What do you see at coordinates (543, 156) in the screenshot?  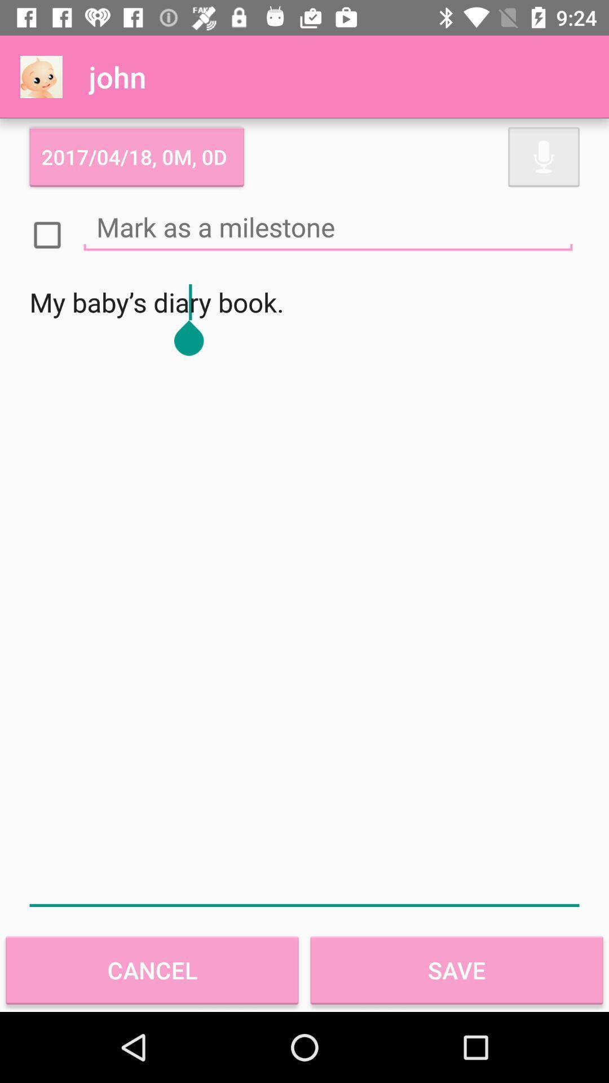 I see `use microphone` at bounding box center [543, 156].